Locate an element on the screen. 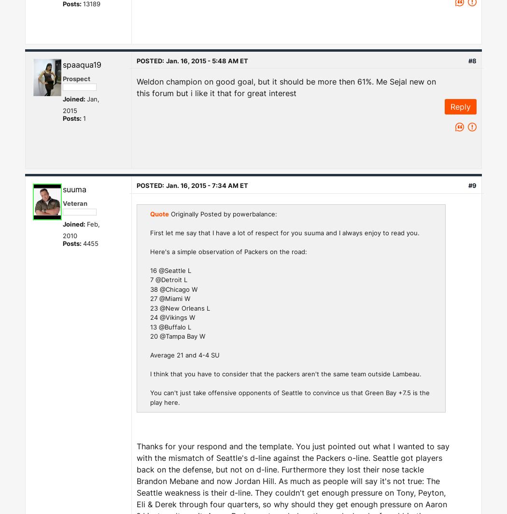  '4455' is located at coordinates (90, 243).